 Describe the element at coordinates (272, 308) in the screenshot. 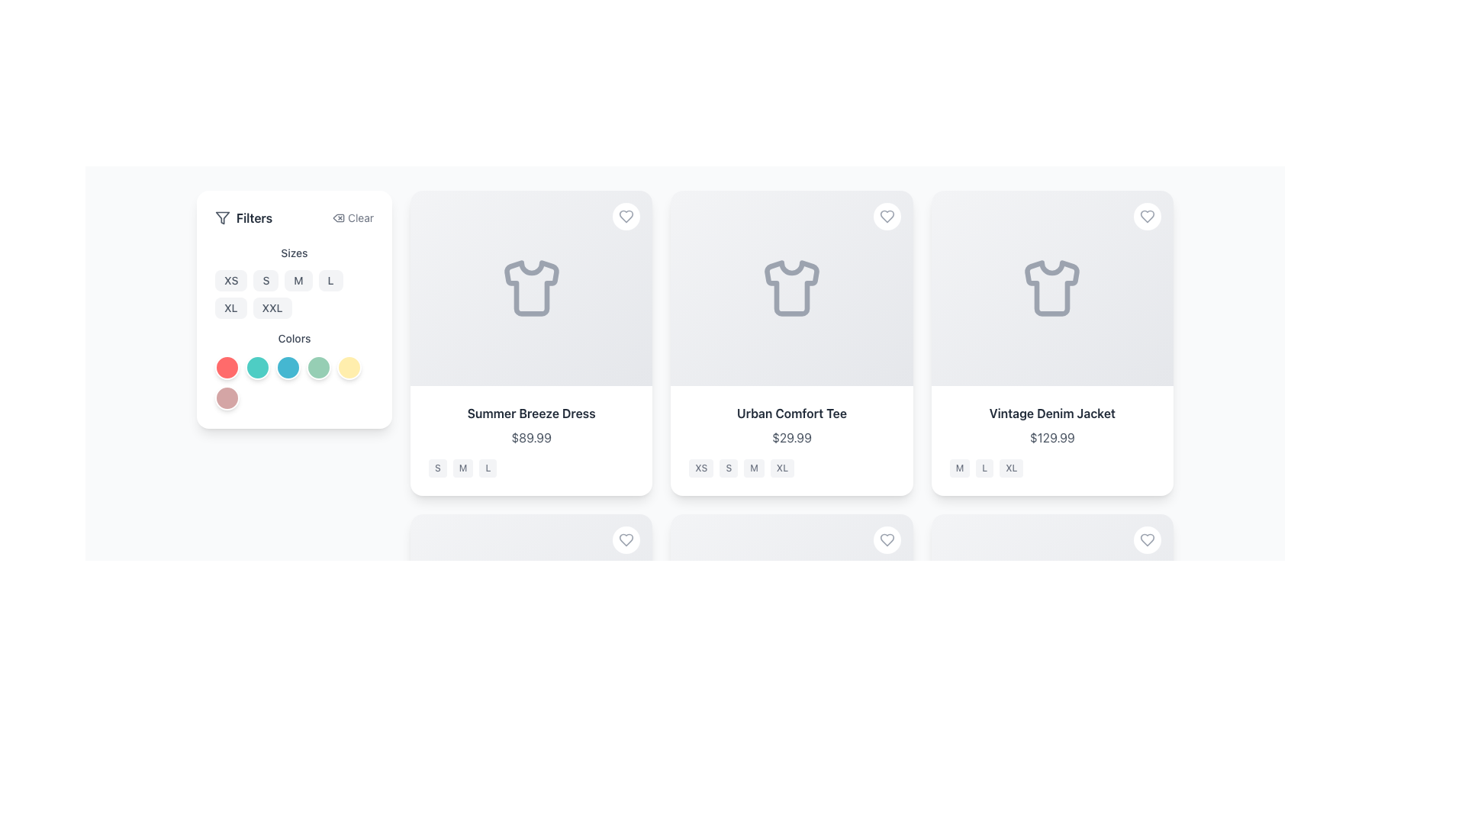

I see `the button labeled 'XXL' with a light gray background` at that location.